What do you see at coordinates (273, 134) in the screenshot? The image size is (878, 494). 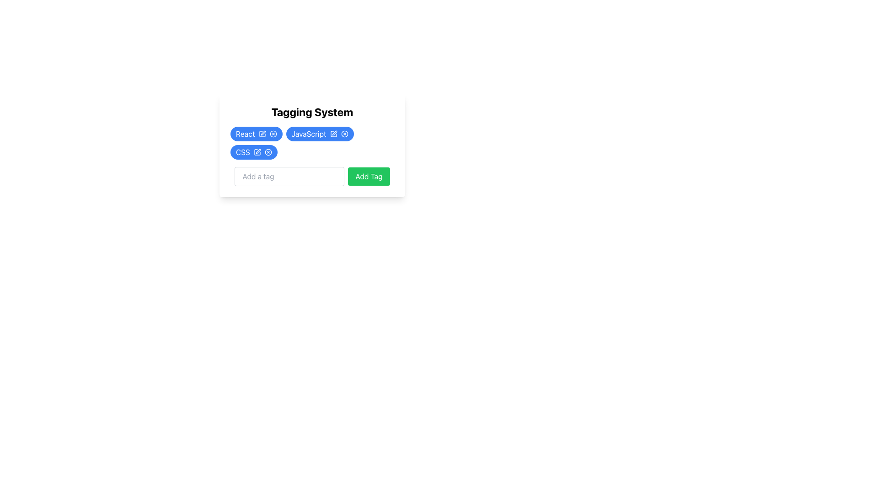 I see `the SVG Circle element located at the center of the circular icon next to the 'JavaScript' labeled tag, which is positioned in the second row of tags` at bounding box center [273, 134].